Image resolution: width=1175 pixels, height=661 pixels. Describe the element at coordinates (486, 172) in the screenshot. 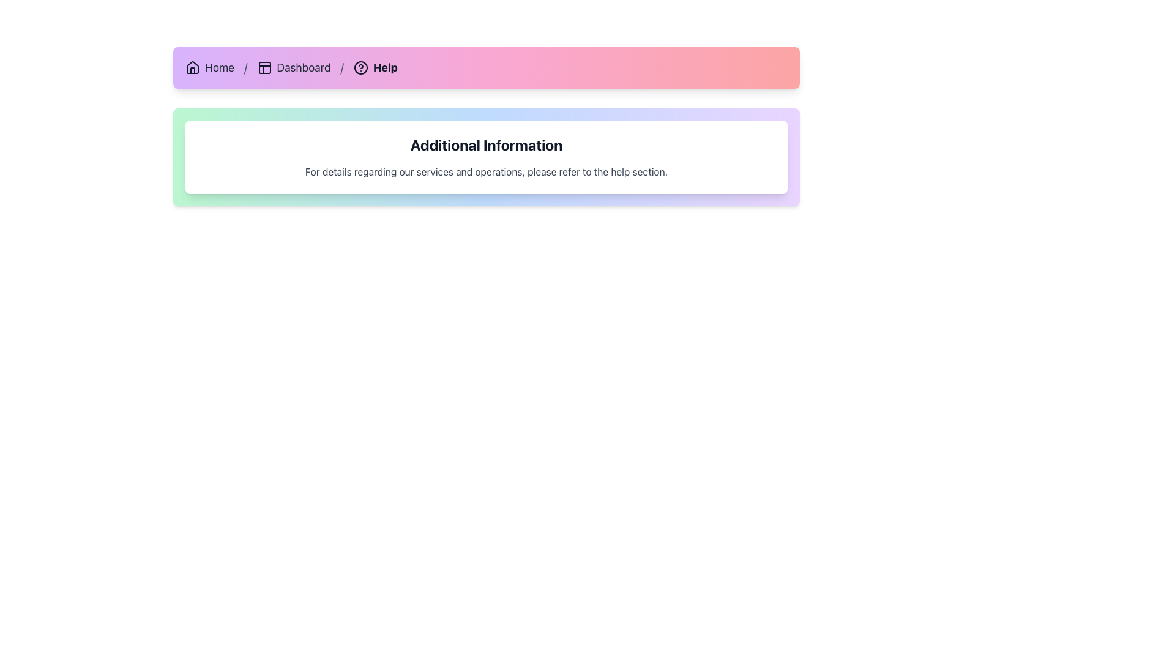

I see `the text block displaying 'For details regarding our services and operations, please refer to the help section.' which is styled in gray and located below the title 'Additional Information.'` at that location.